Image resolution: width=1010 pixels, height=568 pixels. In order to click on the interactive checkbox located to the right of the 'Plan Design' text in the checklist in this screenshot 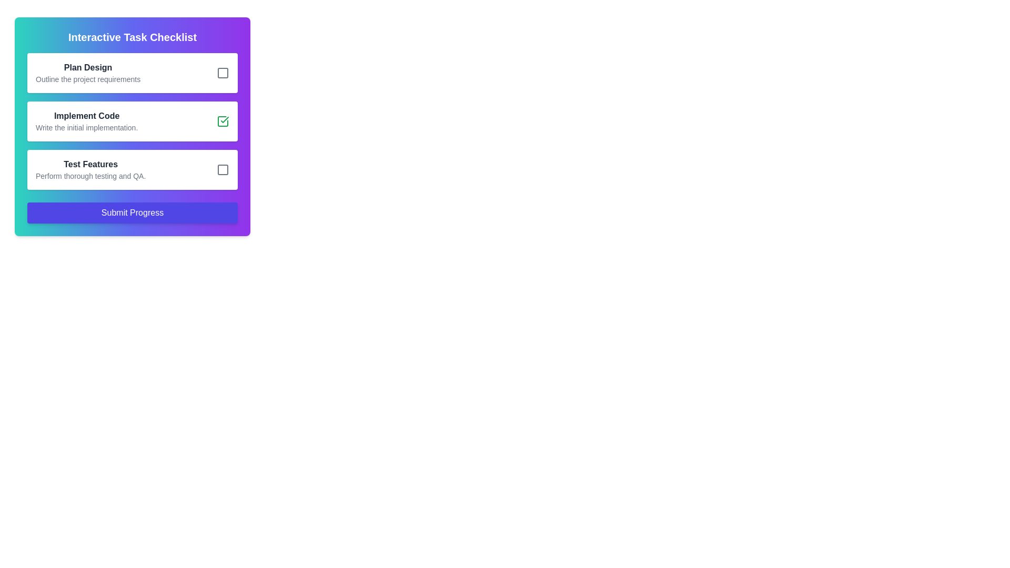, I will do `click(222, 72)`.